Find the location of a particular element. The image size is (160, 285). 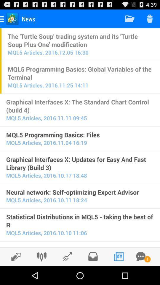

the quick evaluation of item is located at coordinates (80, 246).